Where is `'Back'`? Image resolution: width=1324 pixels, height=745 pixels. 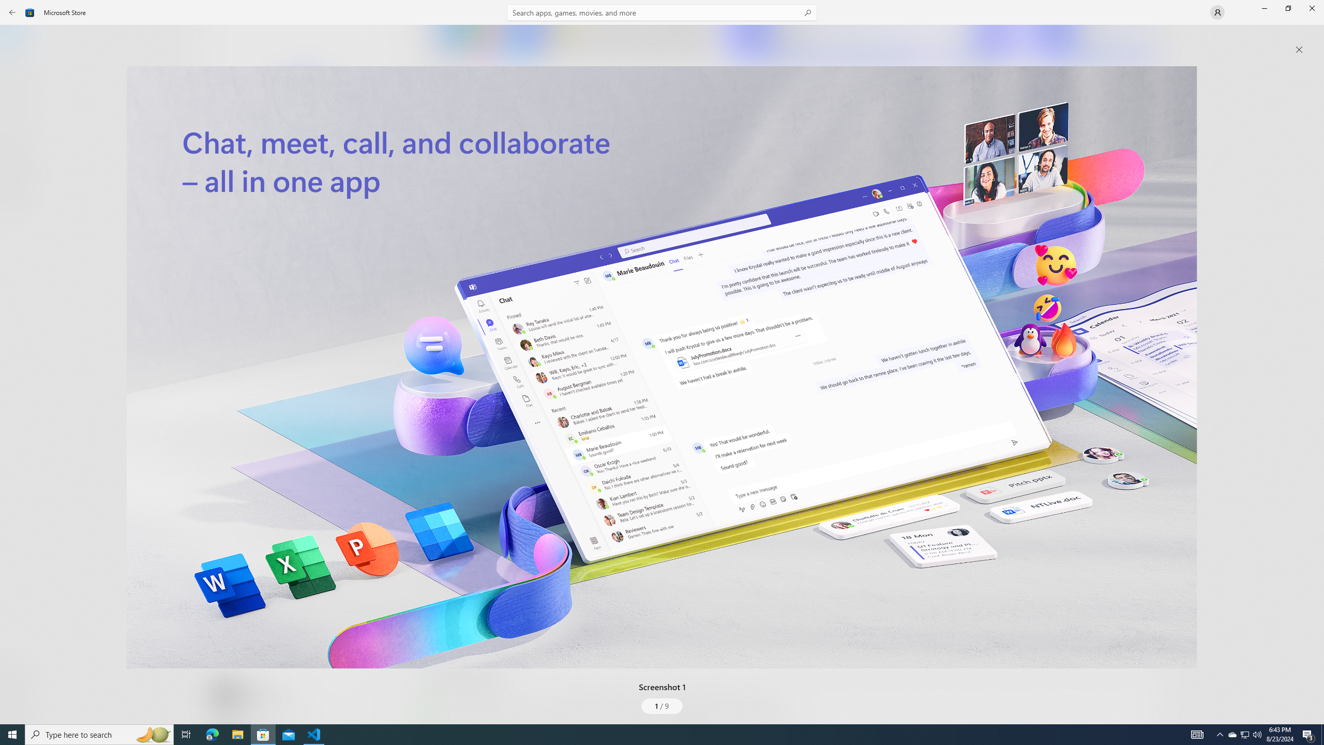 'Back' is located at coordinates (12, 11).